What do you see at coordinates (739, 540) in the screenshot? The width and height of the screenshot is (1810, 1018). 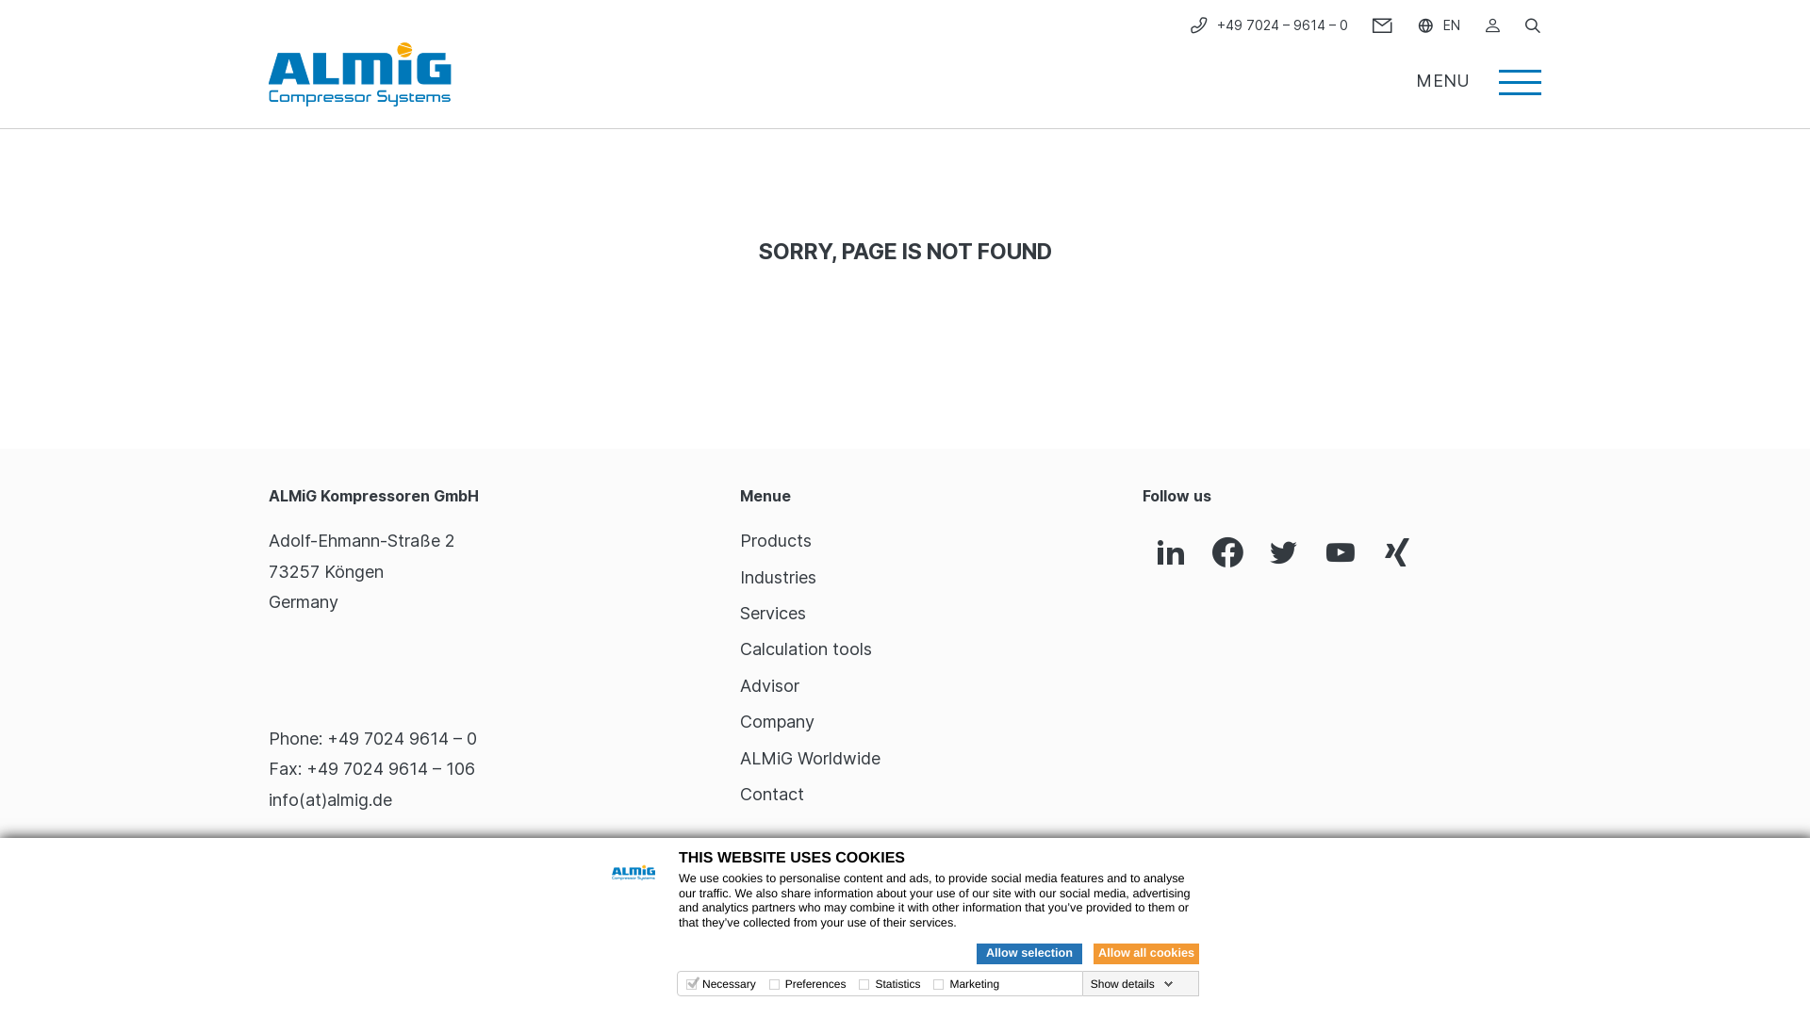 I see `'Products'` at bounding box center [739, 540].